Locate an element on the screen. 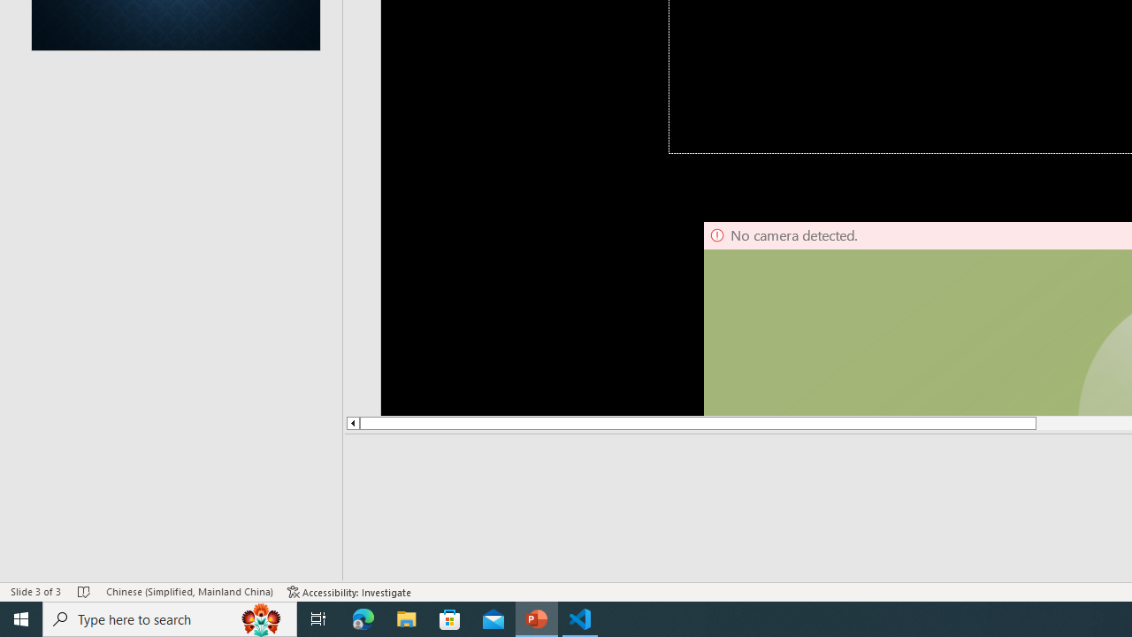  'Spell Check No Errors' is located at coordinates (84, 592).